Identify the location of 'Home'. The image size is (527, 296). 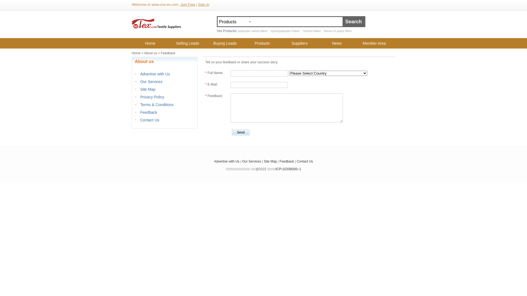
(132, 43).